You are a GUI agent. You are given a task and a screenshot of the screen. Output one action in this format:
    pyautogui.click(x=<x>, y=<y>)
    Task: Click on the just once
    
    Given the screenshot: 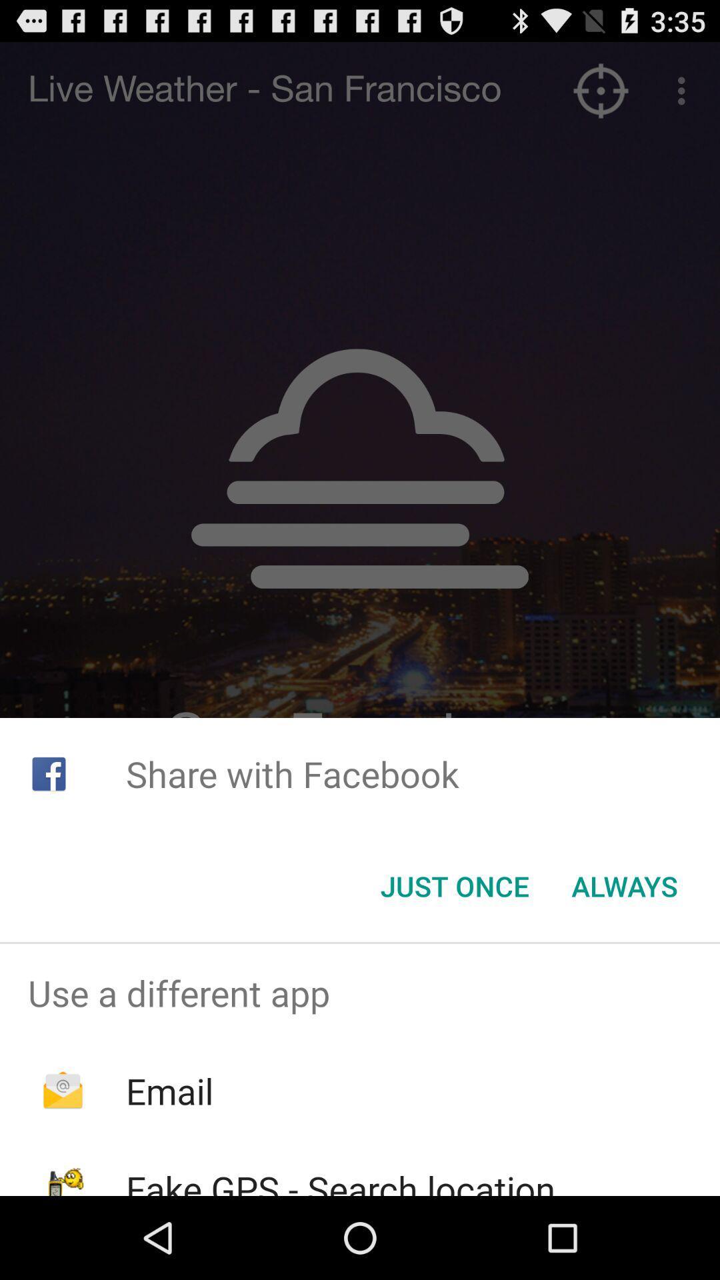 What is the action you would take?
    pyautogui.click(x=454, y=886)
    